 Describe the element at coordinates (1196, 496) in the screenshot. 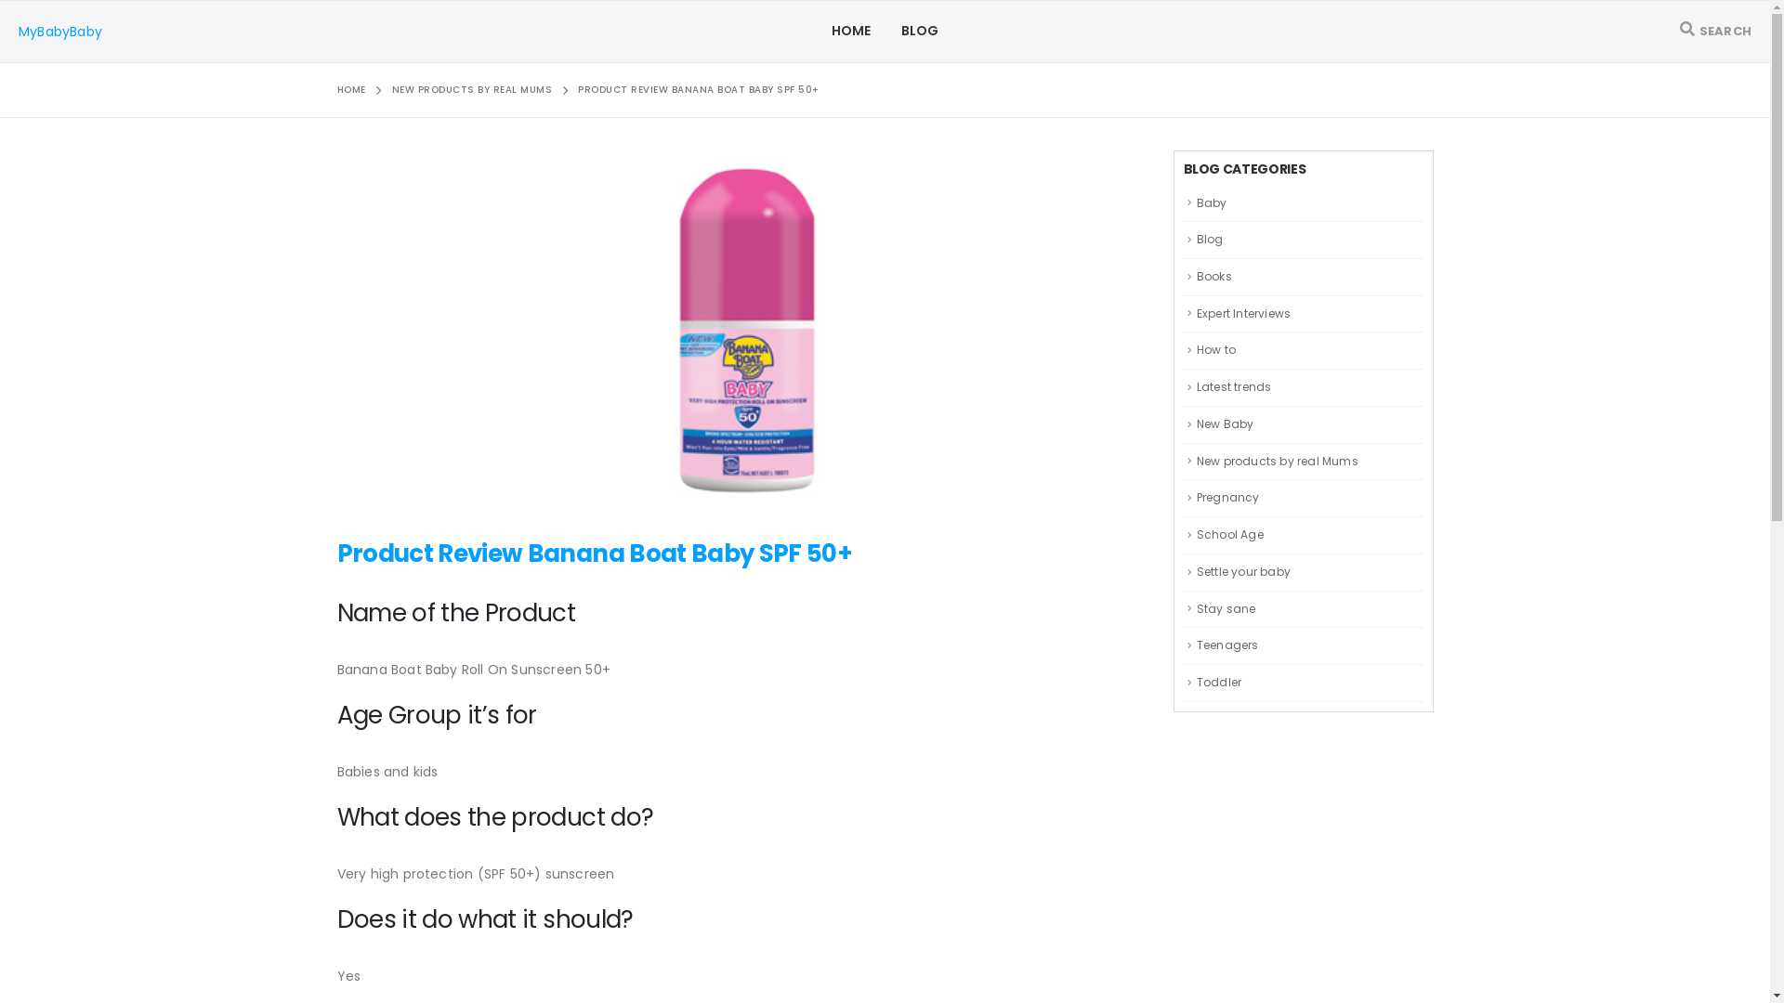

I see `'Pregnancy'` at that location.